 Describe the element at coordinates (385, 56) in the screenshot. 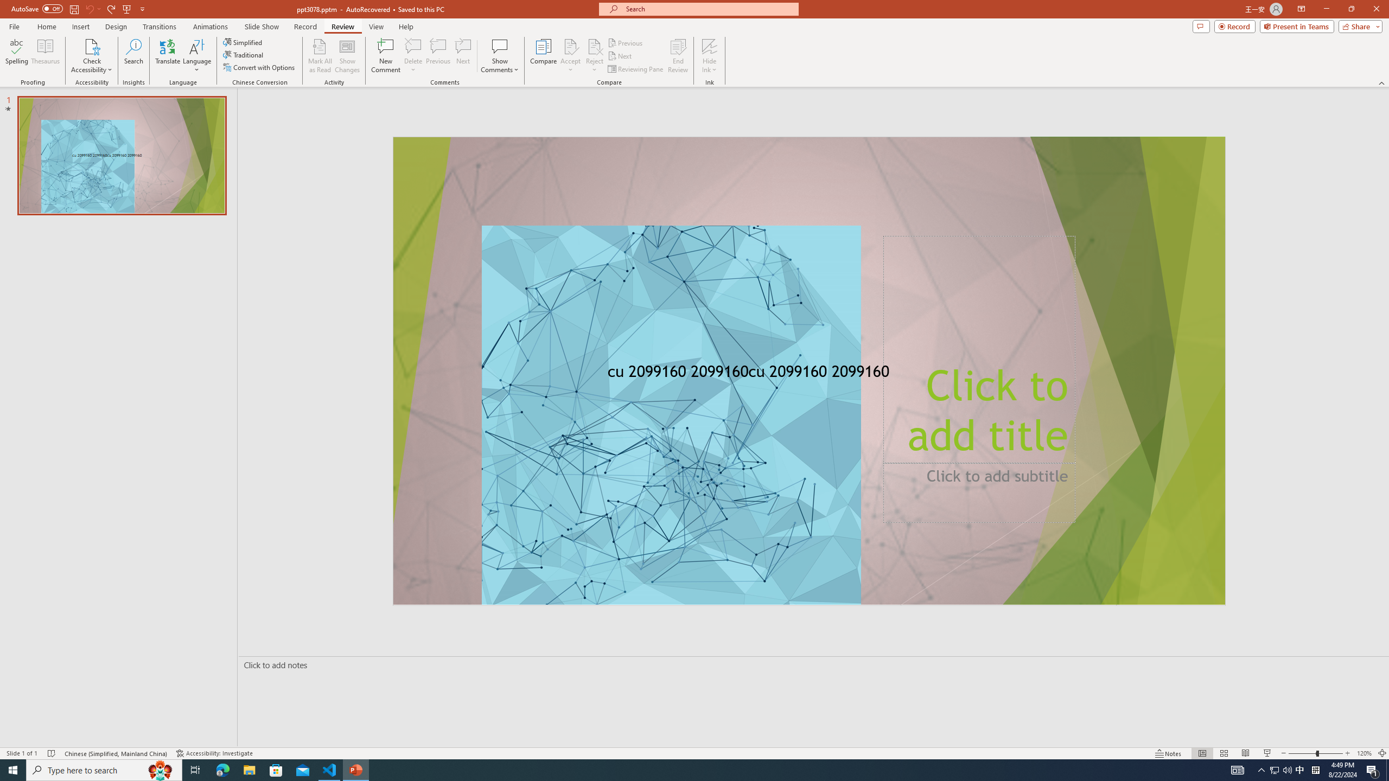

I see `'New Comment'` at that location.